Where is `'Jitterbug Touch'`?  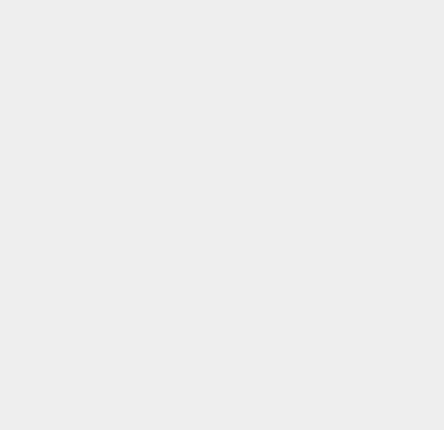
'Jitterbug Touch' is located at coordinates (333, 79).